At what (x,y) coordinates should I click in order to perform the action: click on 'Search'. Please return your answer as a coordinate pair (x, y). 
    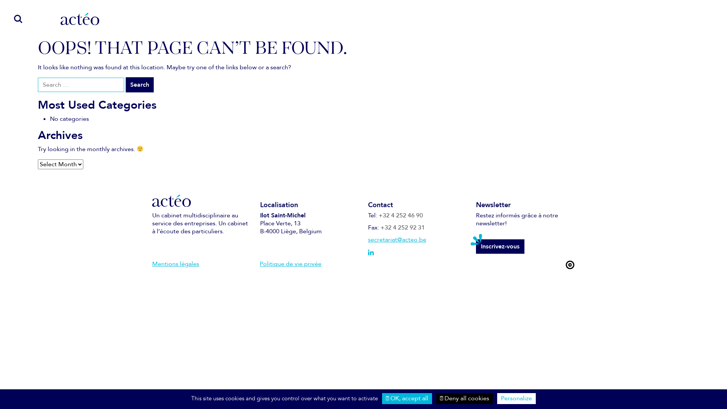
    Looking at the image, I should click on (125, 84).